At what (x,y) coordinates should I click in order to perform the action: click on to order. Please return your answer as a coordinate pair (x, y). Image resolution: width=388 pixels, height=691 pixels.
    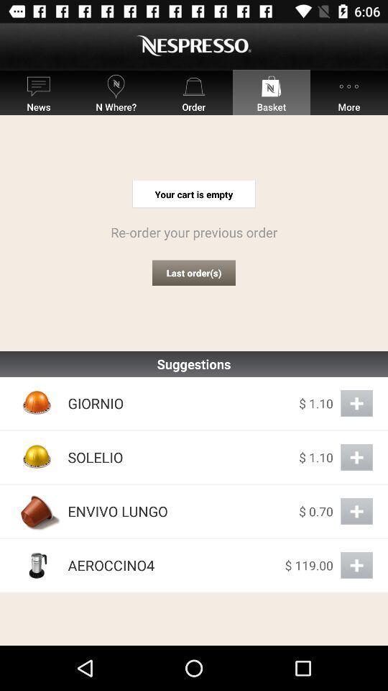
    Looking at the image, I should click on (356, 456).